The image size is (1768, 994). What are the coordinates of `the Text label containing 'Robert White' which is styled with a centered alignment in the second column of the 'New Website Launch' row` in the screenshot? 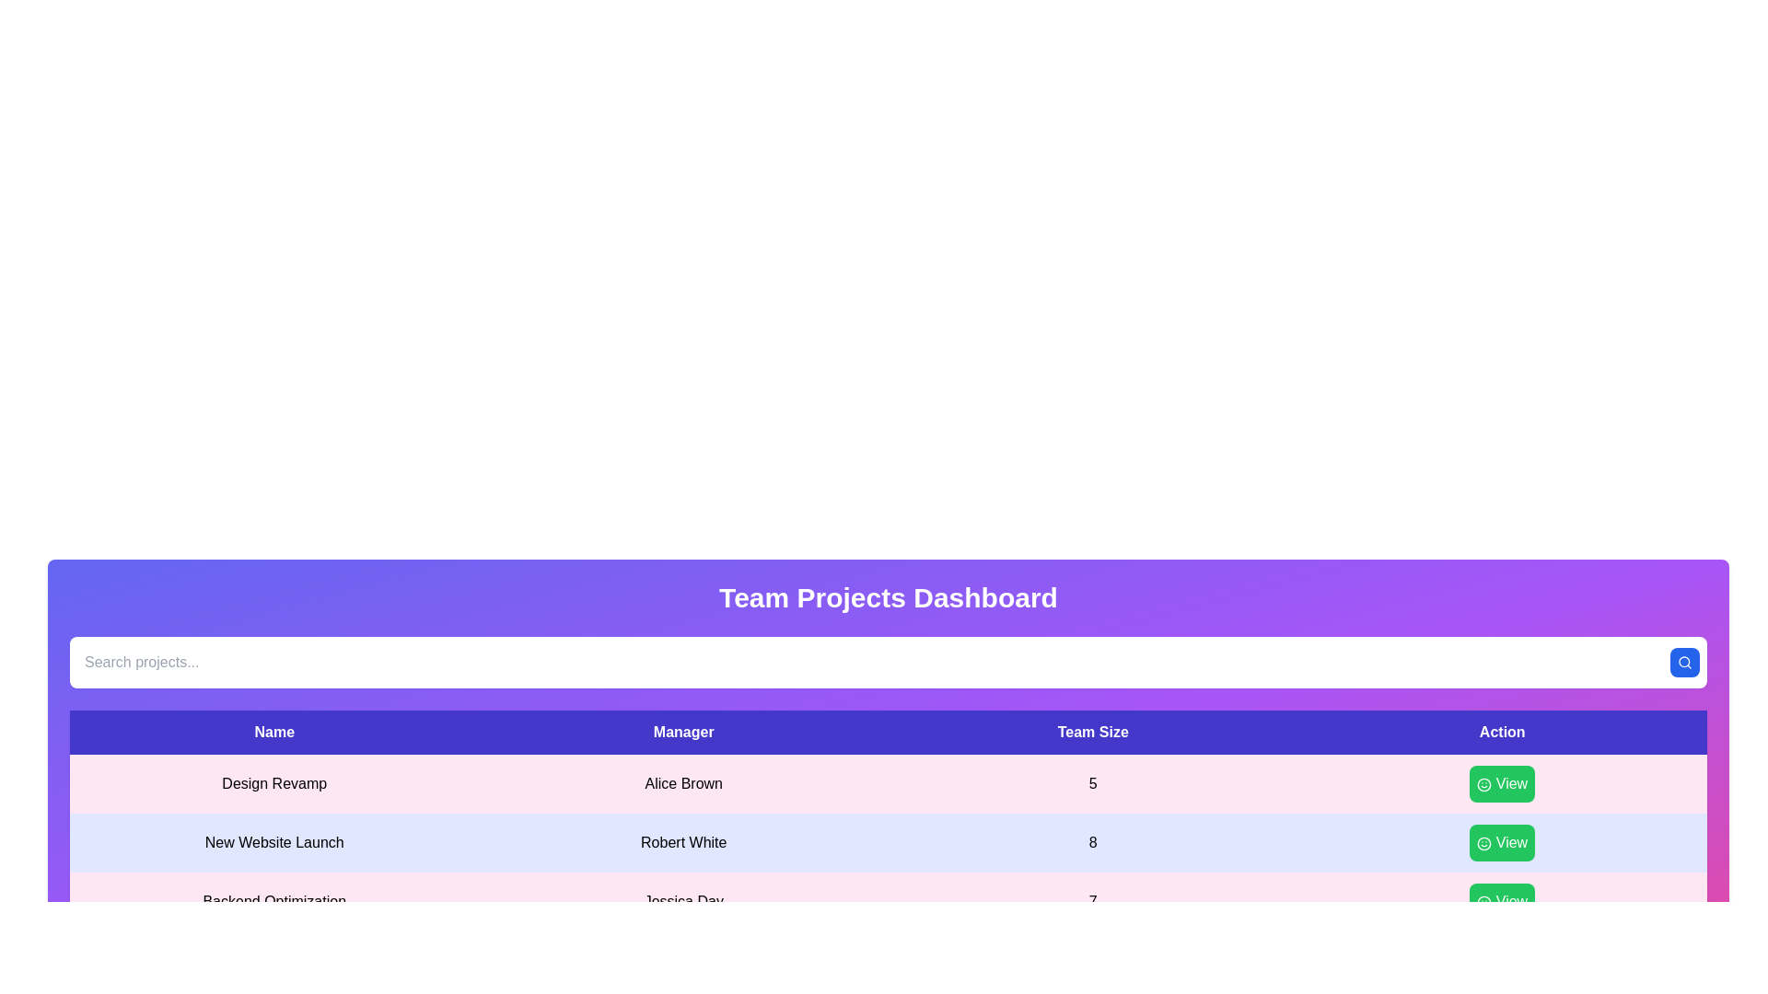 It's located at (682, 842).